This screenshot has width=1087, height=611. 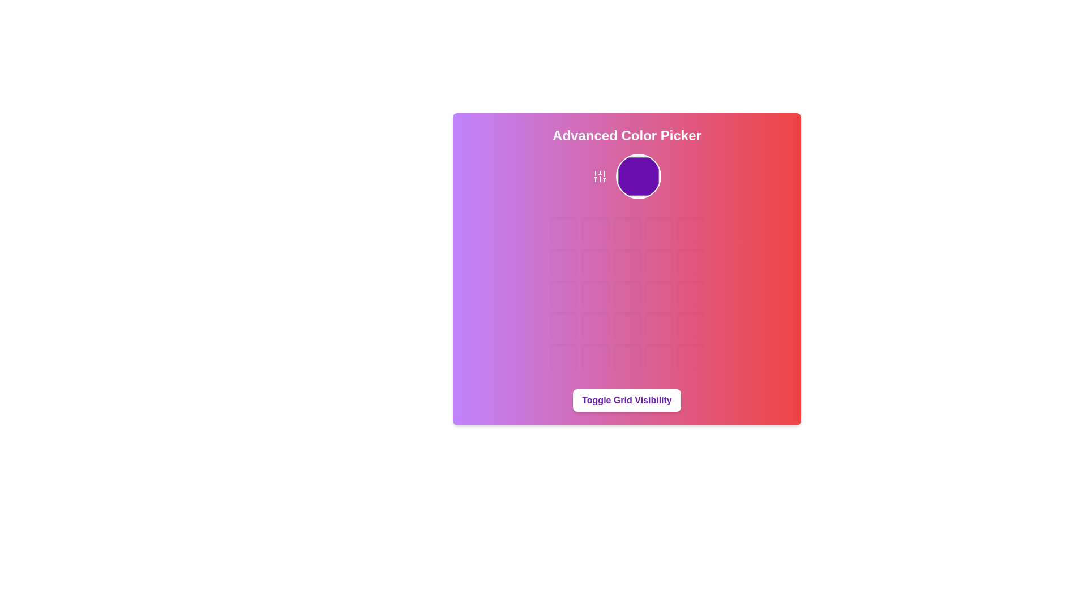 I want to click on the bottom-right square grid cell in the Advanced Color Picker, so click(x=690, y=358).